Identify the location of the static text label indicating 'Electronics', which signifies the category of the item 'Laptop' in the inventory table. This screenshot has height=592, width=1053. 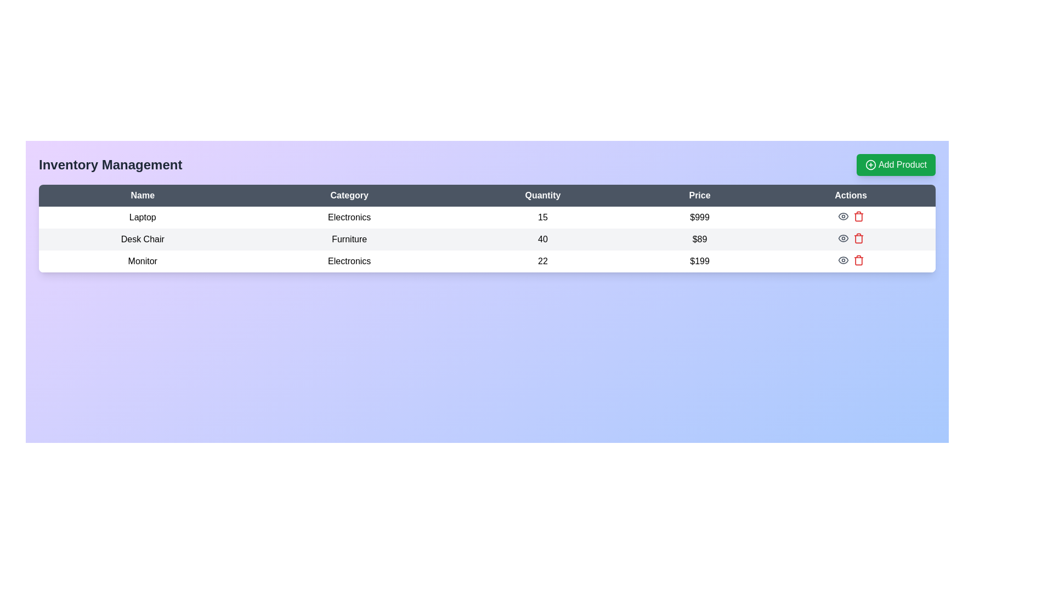
(349, 218).